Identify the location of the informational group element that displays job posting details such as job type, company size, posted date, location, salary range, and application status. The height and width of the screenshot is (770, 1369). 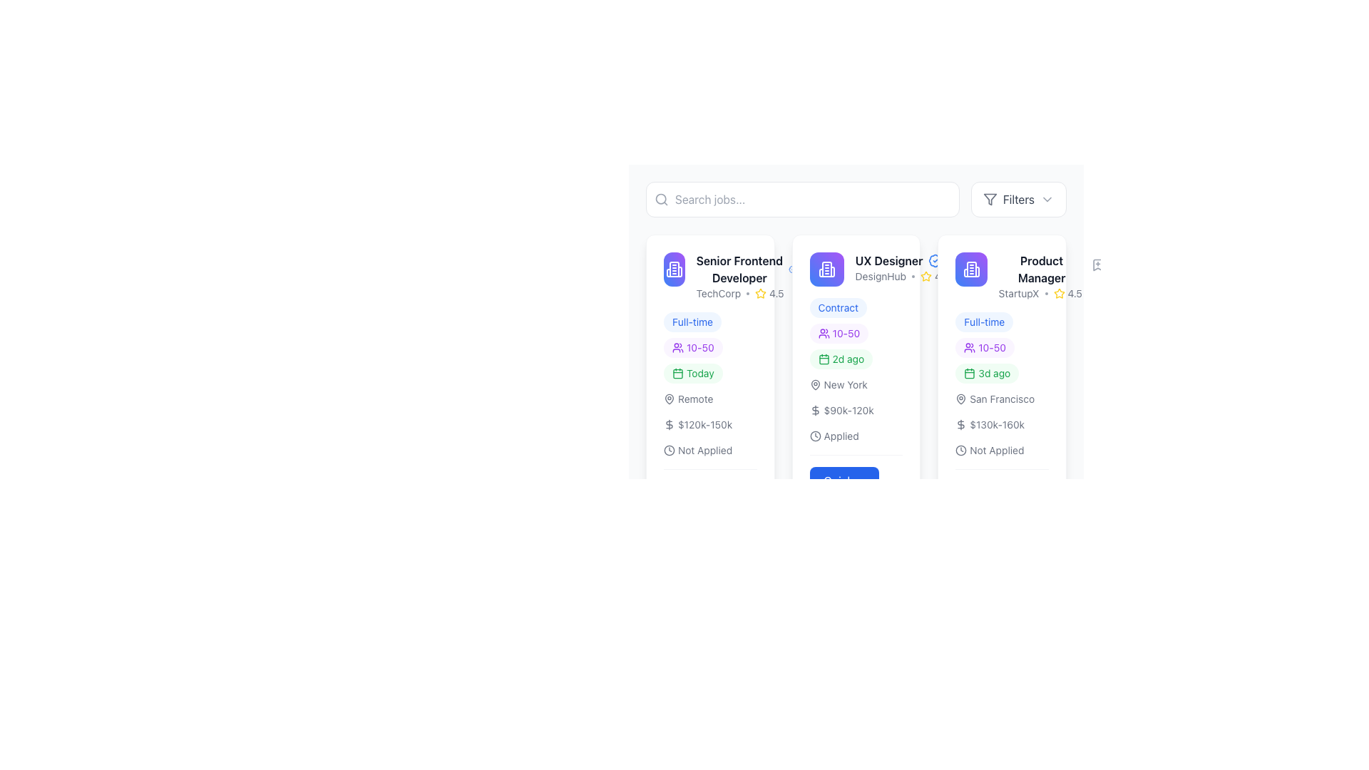
(710, 385).